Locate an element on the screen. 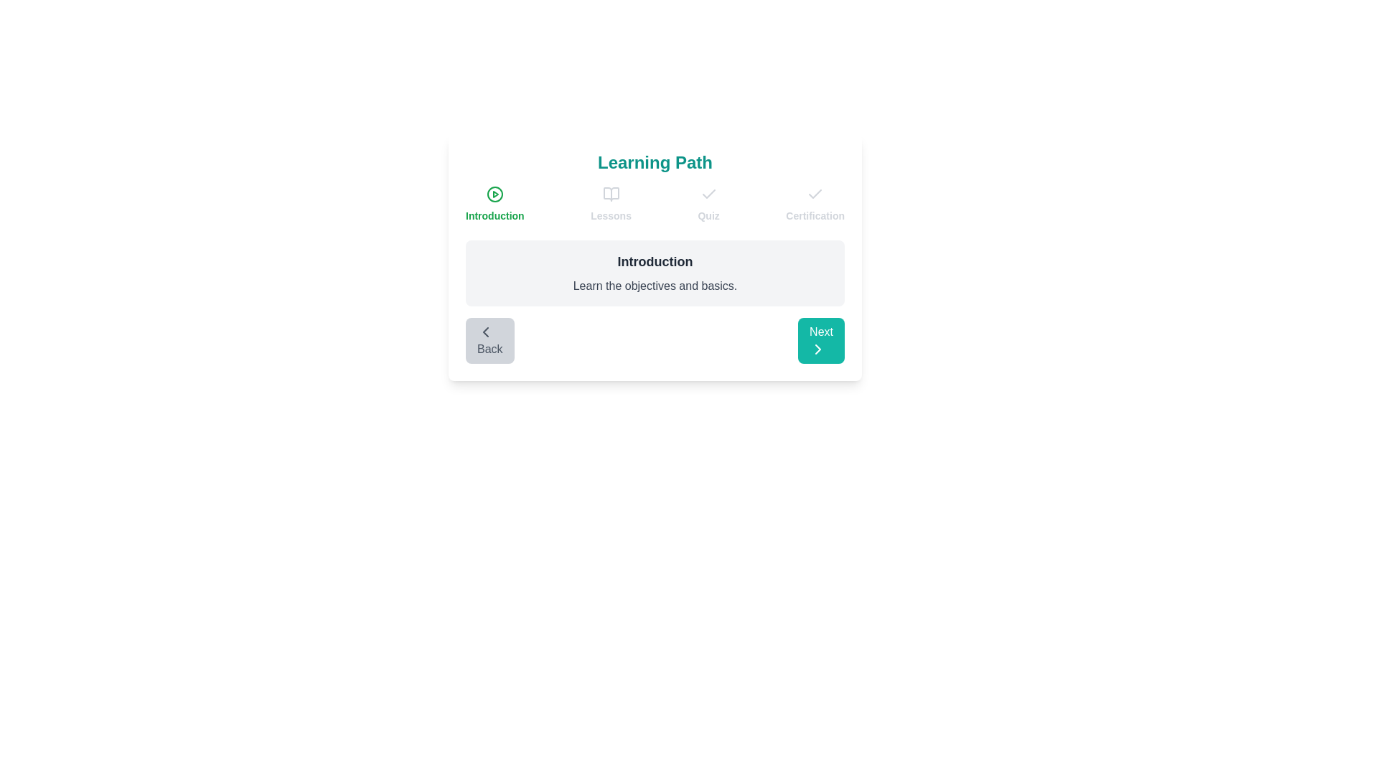  the 'Next' button to navigate to the next step is located at coordinates (821, 340).